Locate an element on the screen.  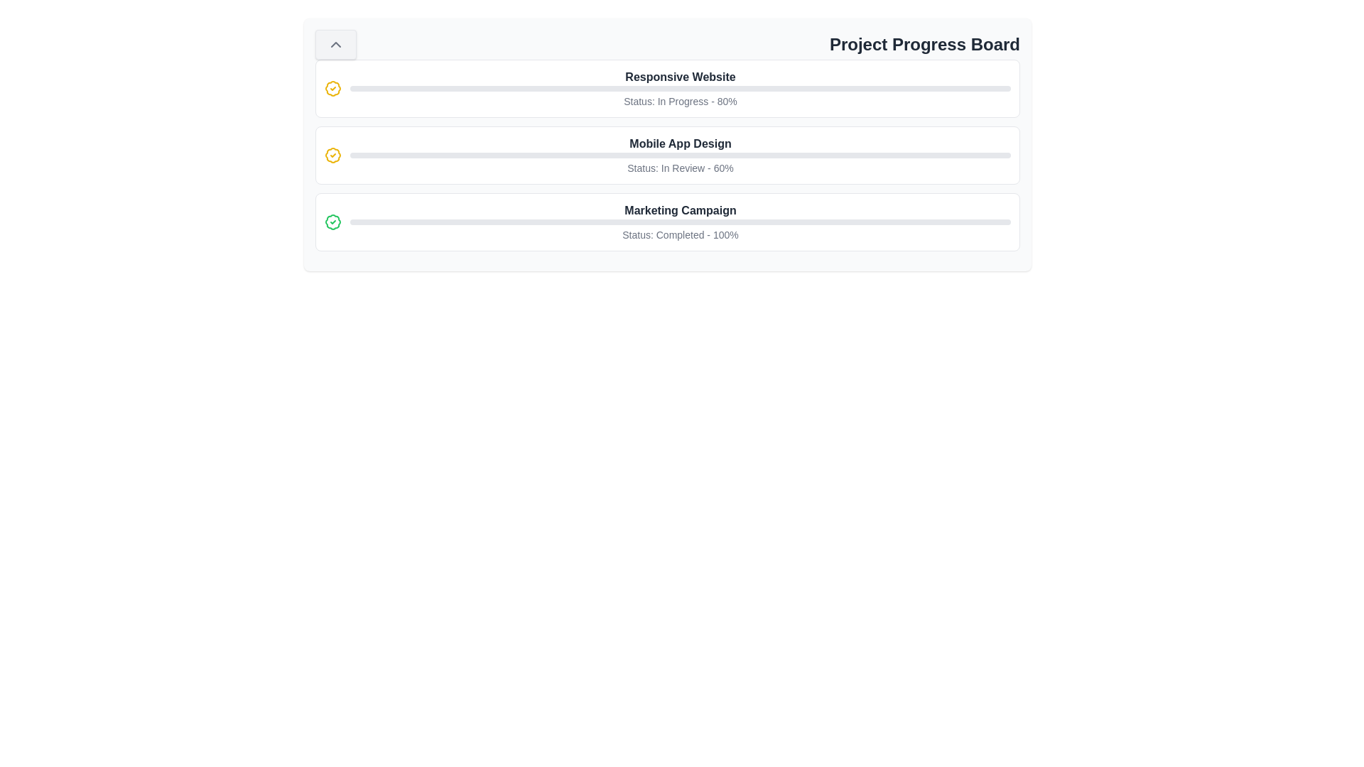
the progress bar located below 'Responsive Website' and above 'Status: In Progress - 80%', which visually indicates 80% progress of a task is located at coordinates (680, 88).